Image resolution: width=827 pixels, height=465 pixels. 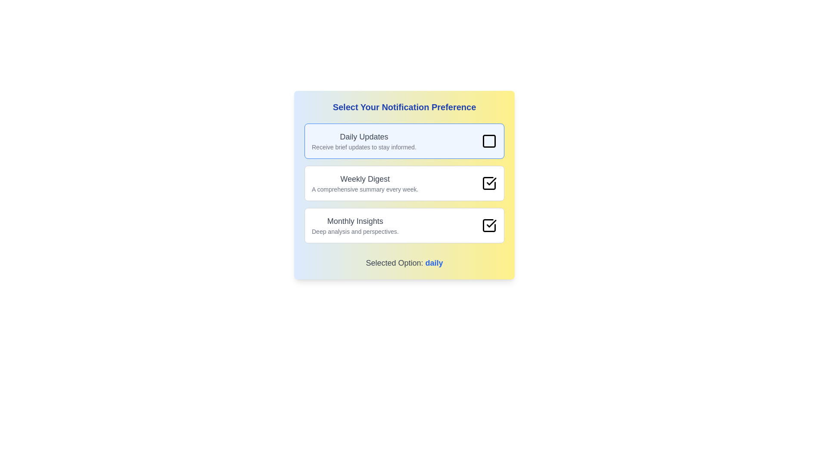 I want to click on the bold text label displaying 'Daily Updates' which is styled in dark gray and positioned above the description text, so click(x=364, y=136).